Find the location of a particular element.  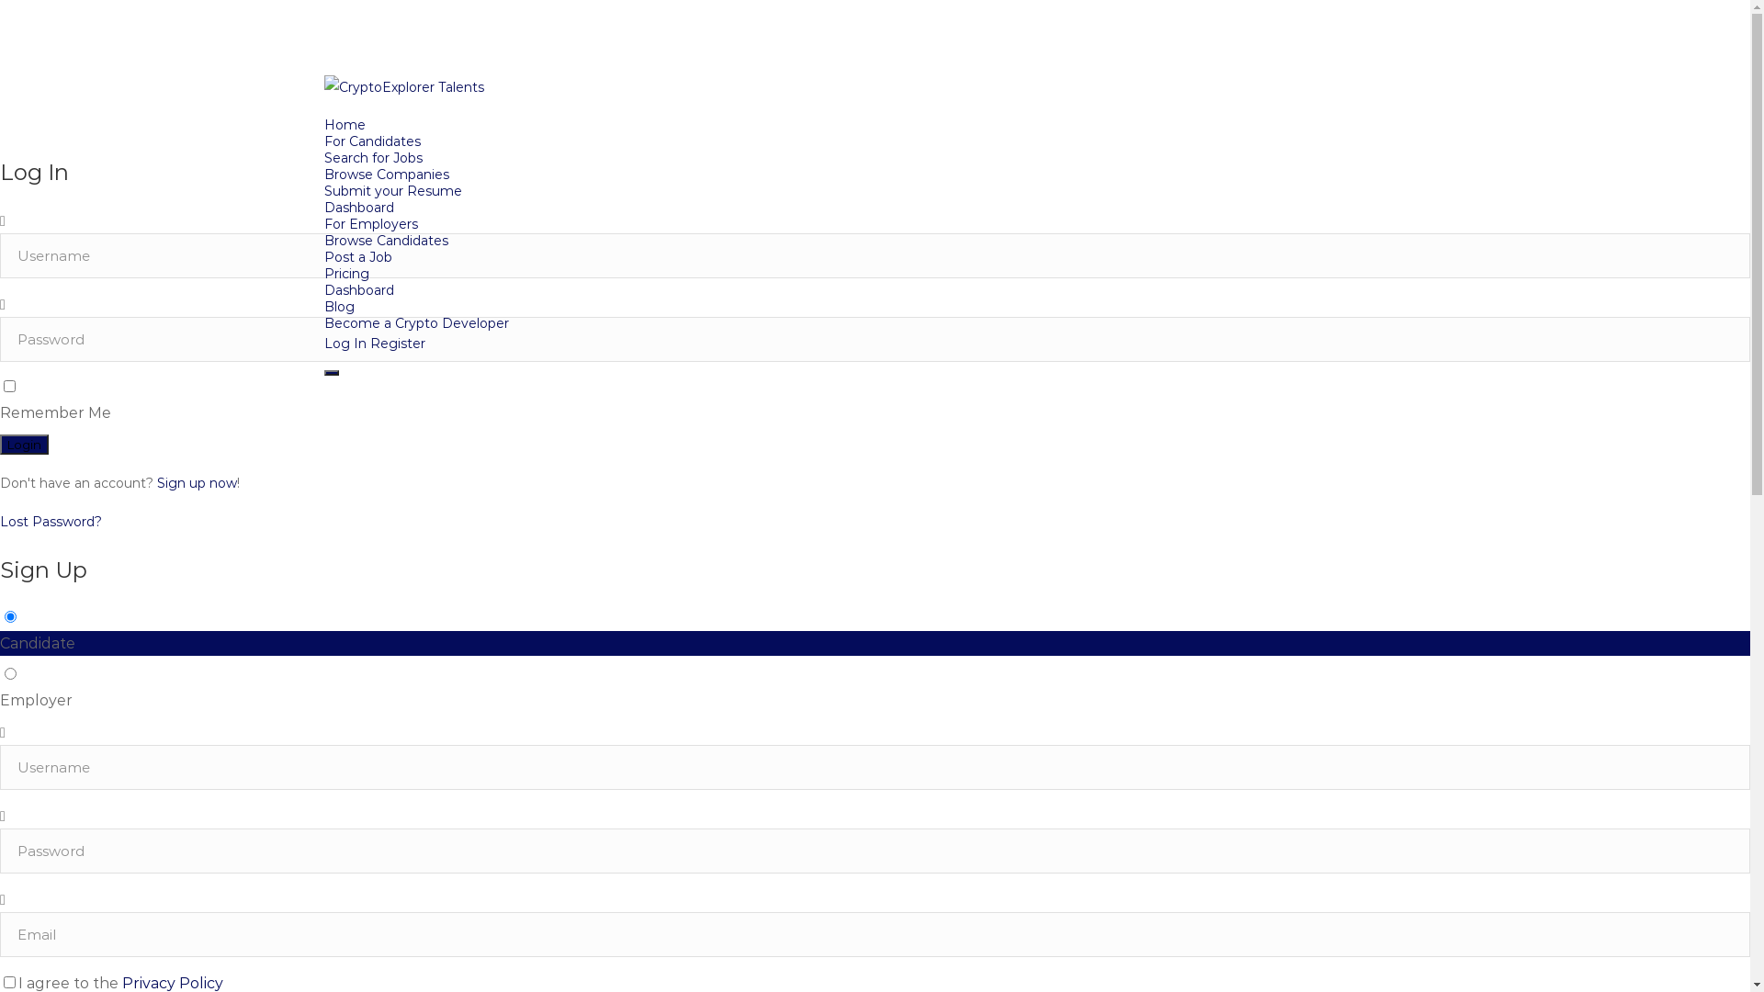

'Log In' is located at coordinates (344, 344).